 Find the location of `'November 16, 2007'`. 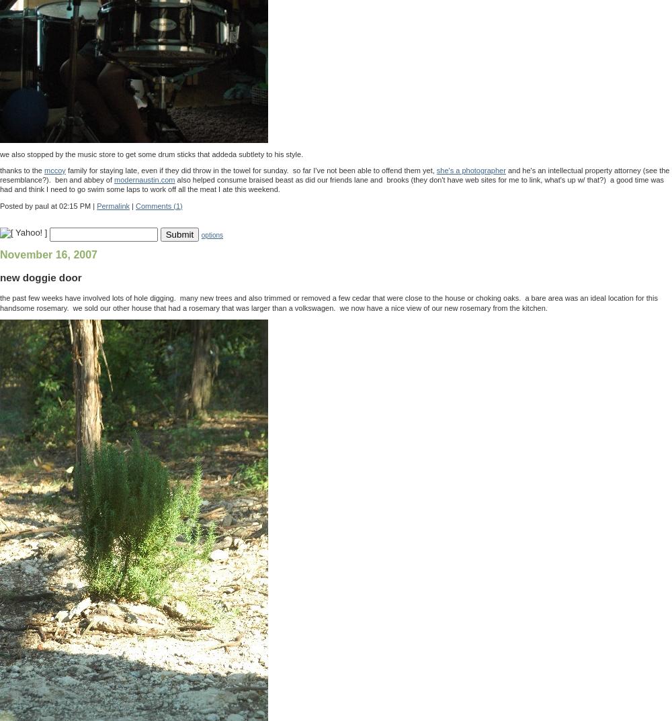

'November 16, 2007' is located at coordinates (48, 254).